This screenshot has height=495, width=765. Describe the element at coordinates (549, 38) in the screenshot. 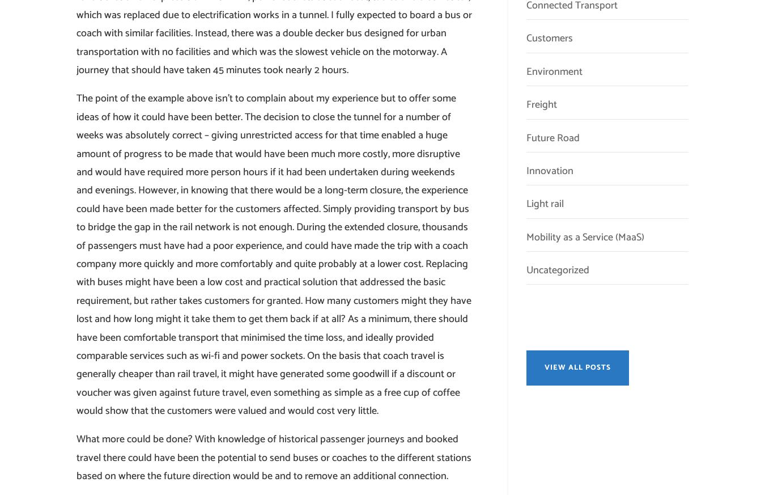

I see `'Customers'` at that location.